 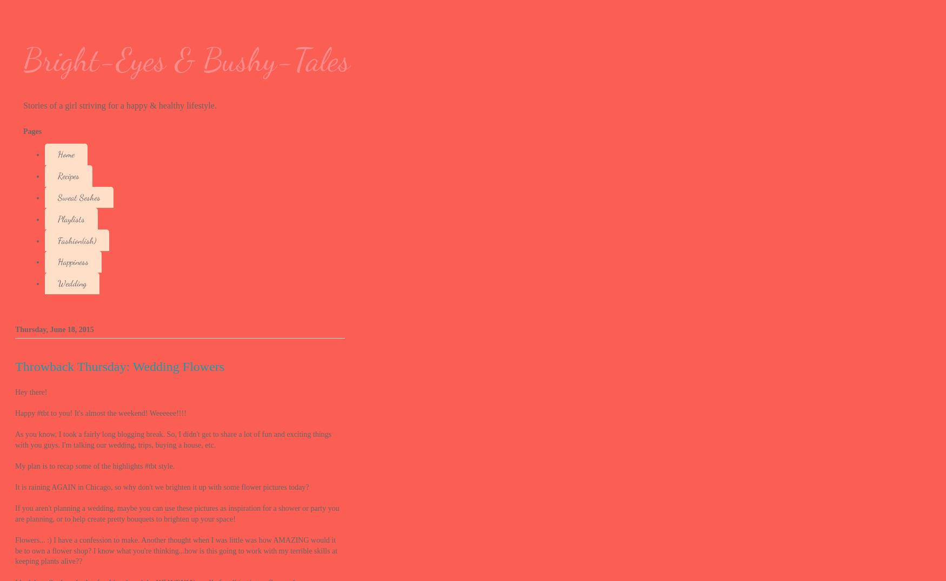 What do you see at coordinates (57, 175) in the screenshot?
I see `'Recipes'` at bounding box center [57, 175].